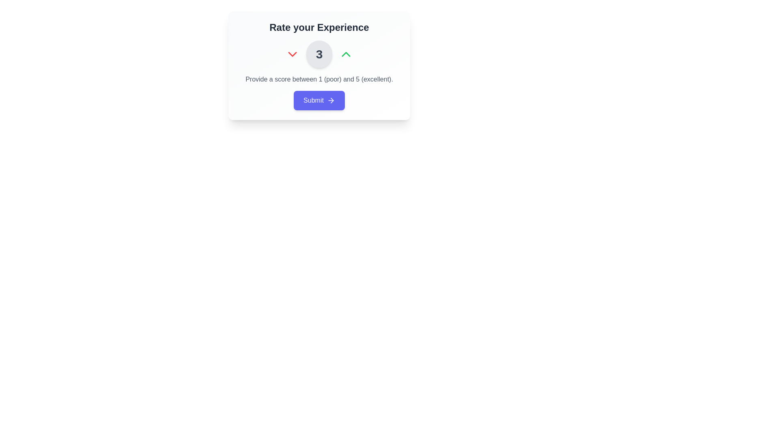 The height and width of the screenshot is (438, 779). I want to click on the icon located to the right of the 'Submit' button, which indicates a forward movement or submission action, so click(331, 100).